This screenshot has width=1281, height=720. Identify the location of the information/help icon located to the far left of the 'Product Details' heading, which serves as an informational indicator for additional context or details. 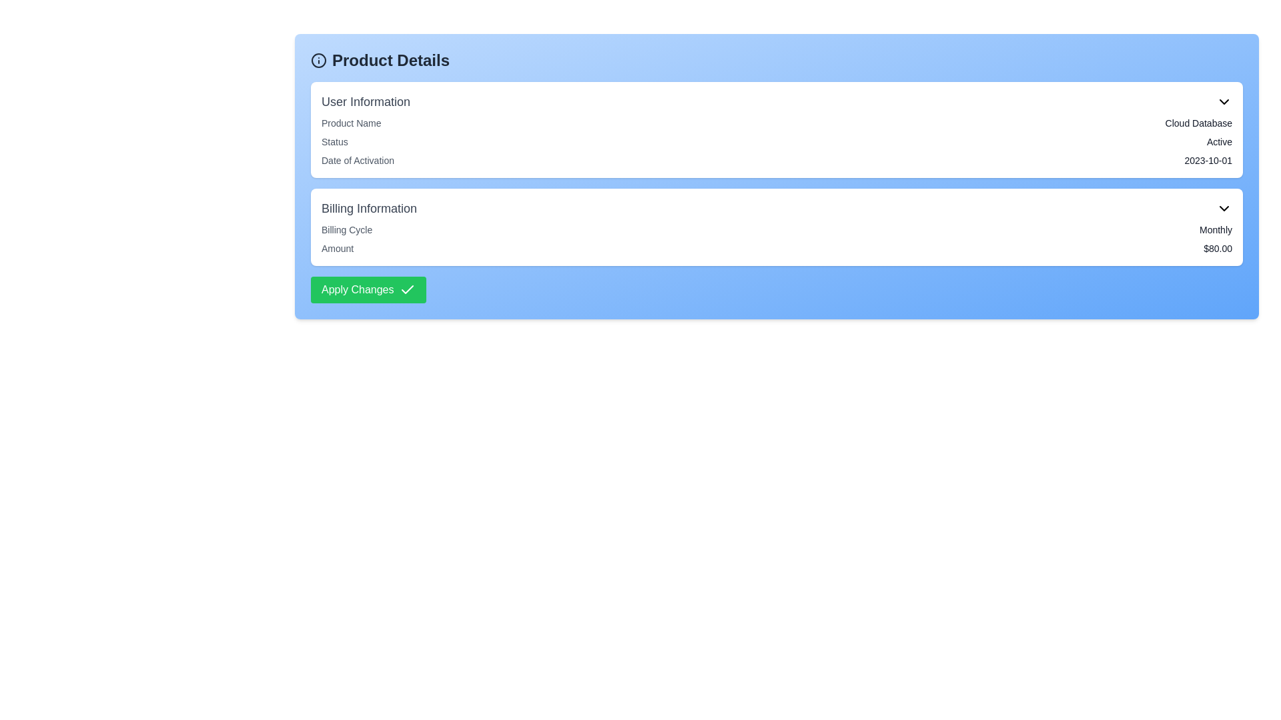
(318, 61).